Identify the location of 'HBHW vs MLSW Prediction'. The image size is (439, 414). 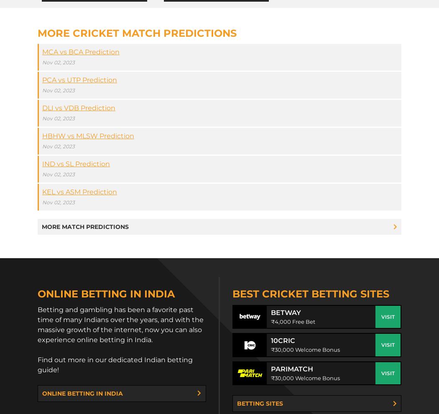
(88, 136).